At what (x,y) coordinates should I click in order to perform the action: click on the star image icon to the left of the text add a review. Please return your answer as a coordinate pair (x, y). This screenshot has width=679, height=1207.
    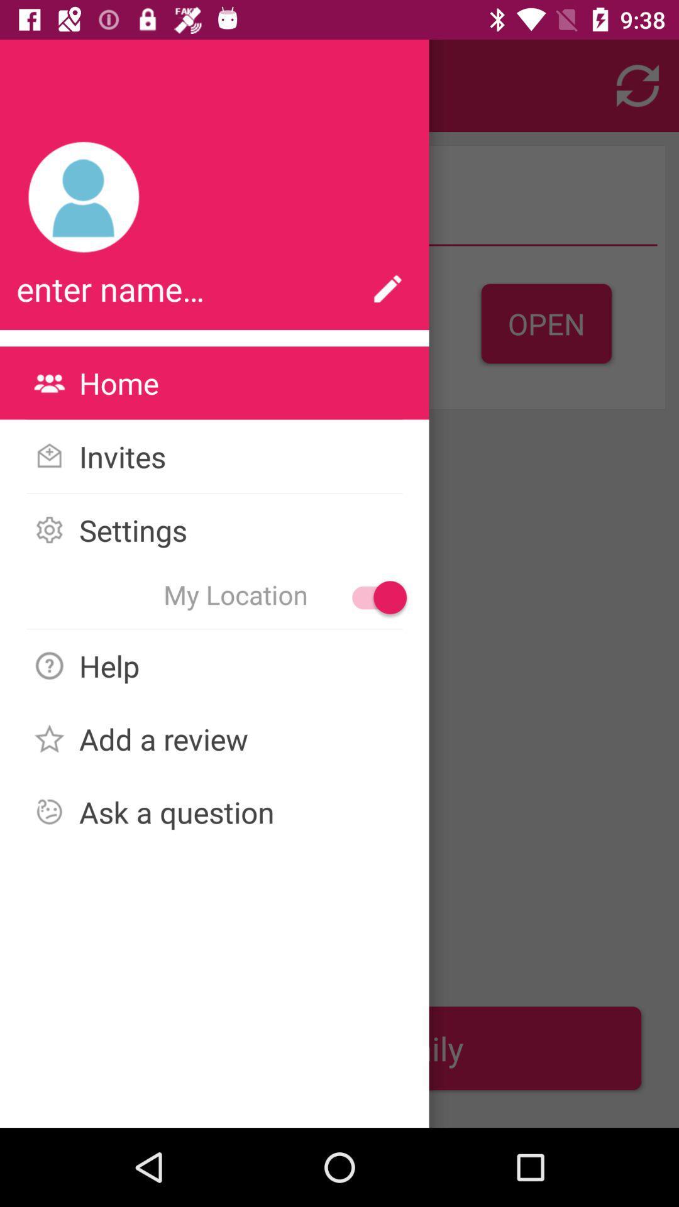
    Looking at the image, I should click on (48, 739).